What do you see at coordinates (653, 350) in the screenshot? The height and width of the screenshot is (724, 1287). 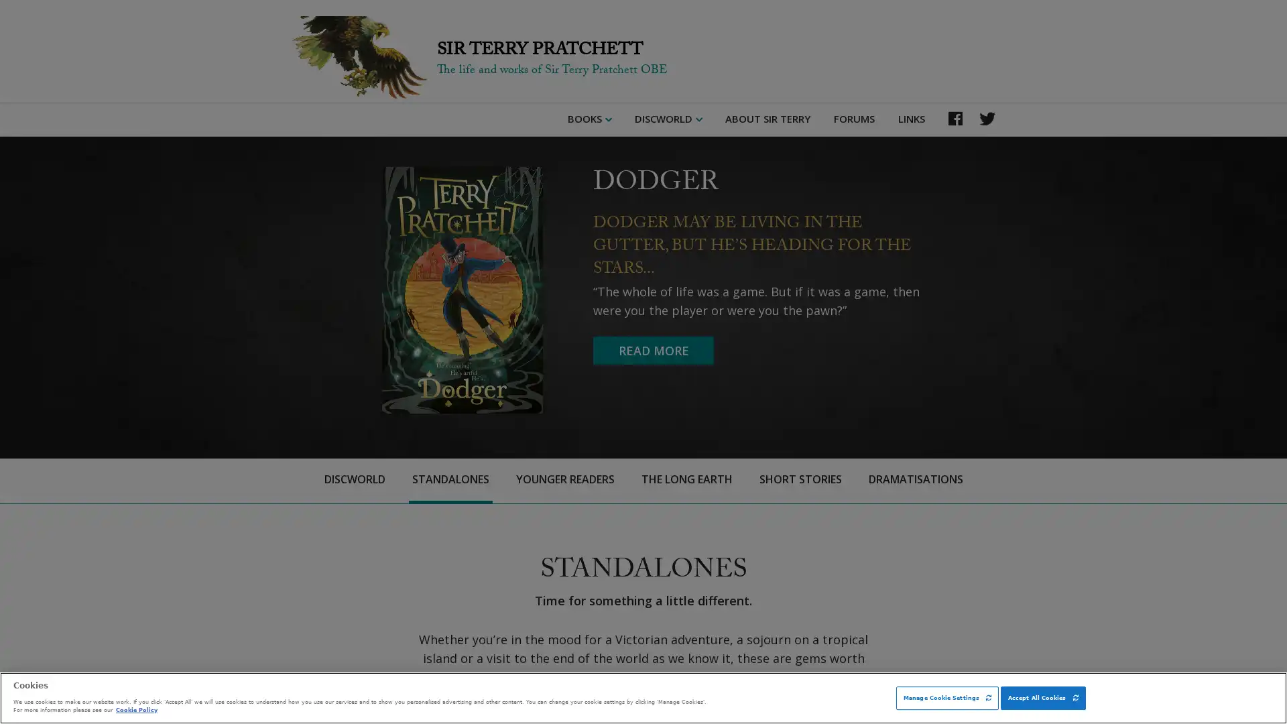 I see `READ MORE` at bounding box center [653, 350].